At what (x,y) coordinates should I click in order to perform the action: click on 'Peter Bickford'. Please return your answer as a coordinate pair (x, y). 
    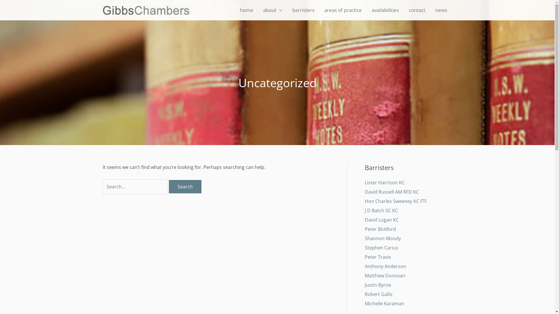
    Looking at the image, I should click on (364, 229).